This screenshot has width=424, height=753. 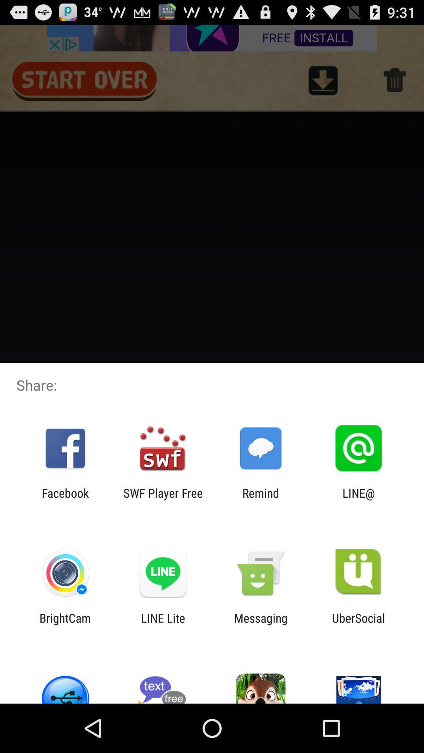 I want to click on the item next to brightcam, so click(x=163, y=624).